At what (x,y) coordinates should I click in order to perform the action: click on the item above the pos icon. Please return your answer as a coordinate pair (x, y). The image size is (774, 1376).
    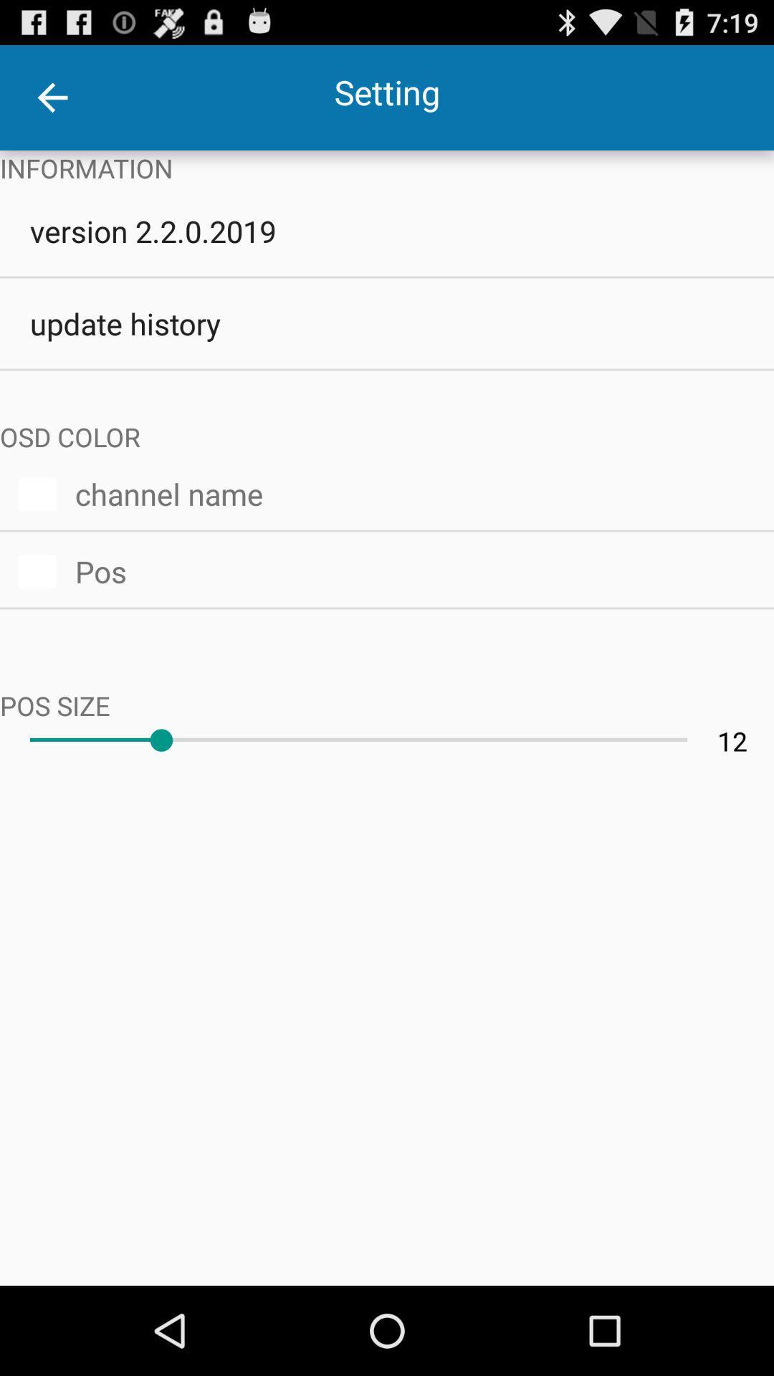
    Looking at the image, I should click on (415, 492).